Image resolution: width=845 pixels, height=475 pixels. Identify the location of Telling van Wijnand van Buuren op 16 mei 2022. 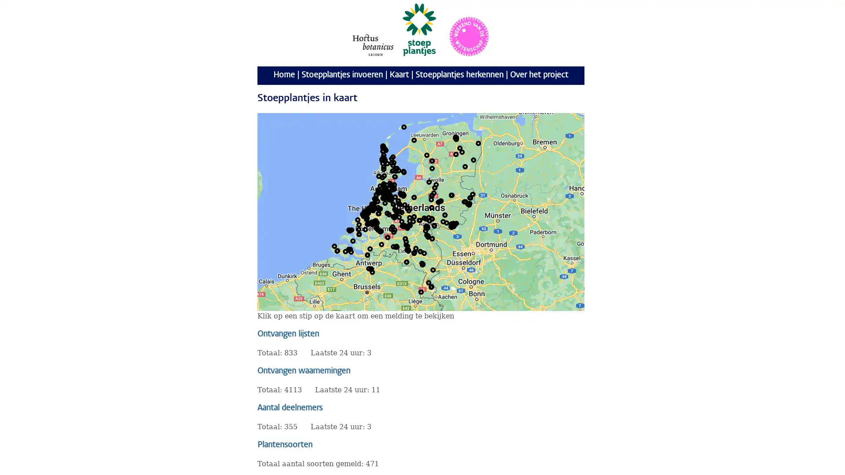
(413, 216).